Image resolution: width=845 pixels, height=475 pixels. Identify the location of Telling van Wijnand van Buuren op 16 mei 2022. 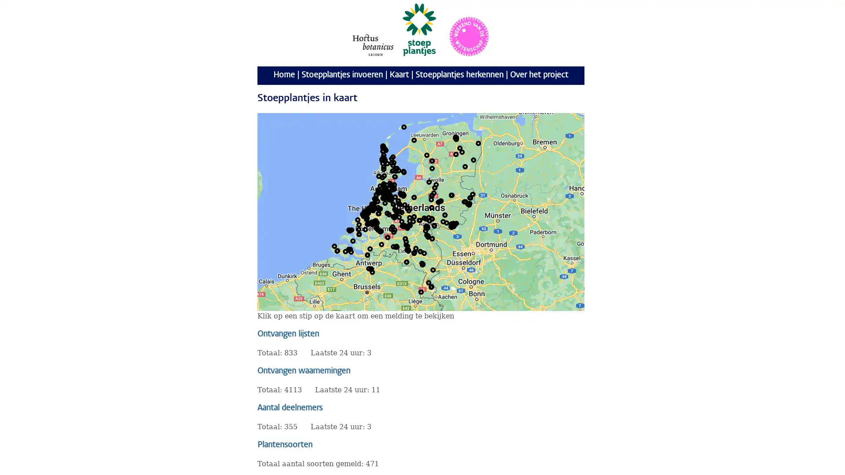
(413, 216).